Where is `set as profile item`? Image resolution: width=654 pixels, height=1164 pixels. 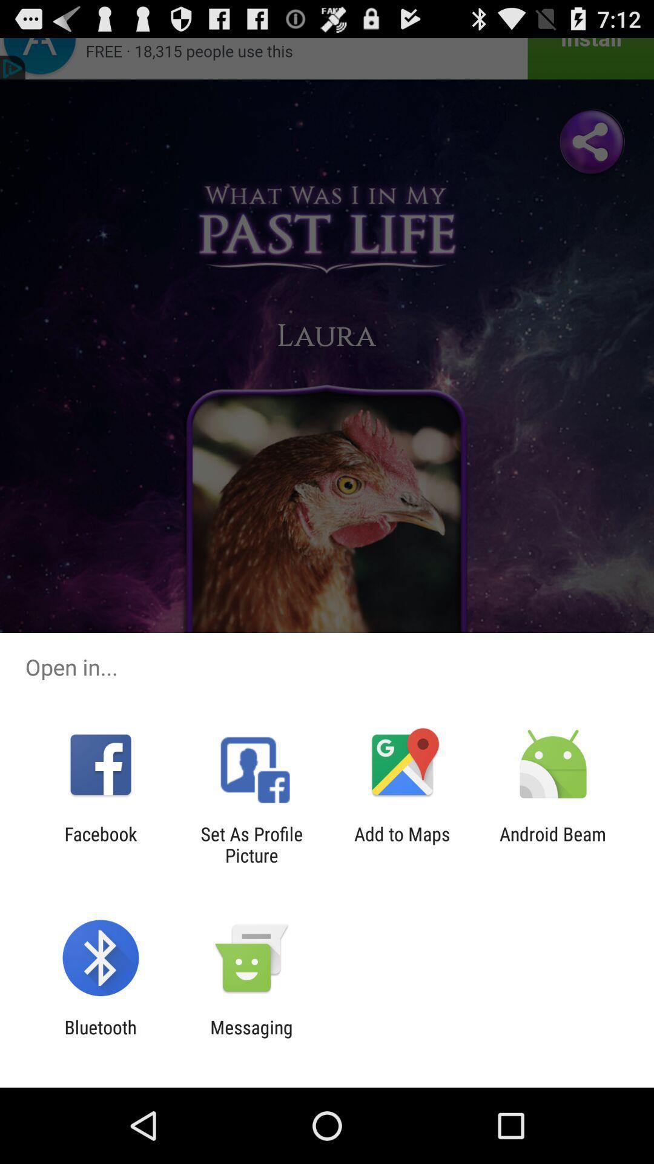
set as profile item is located at coordinates (251, 844).